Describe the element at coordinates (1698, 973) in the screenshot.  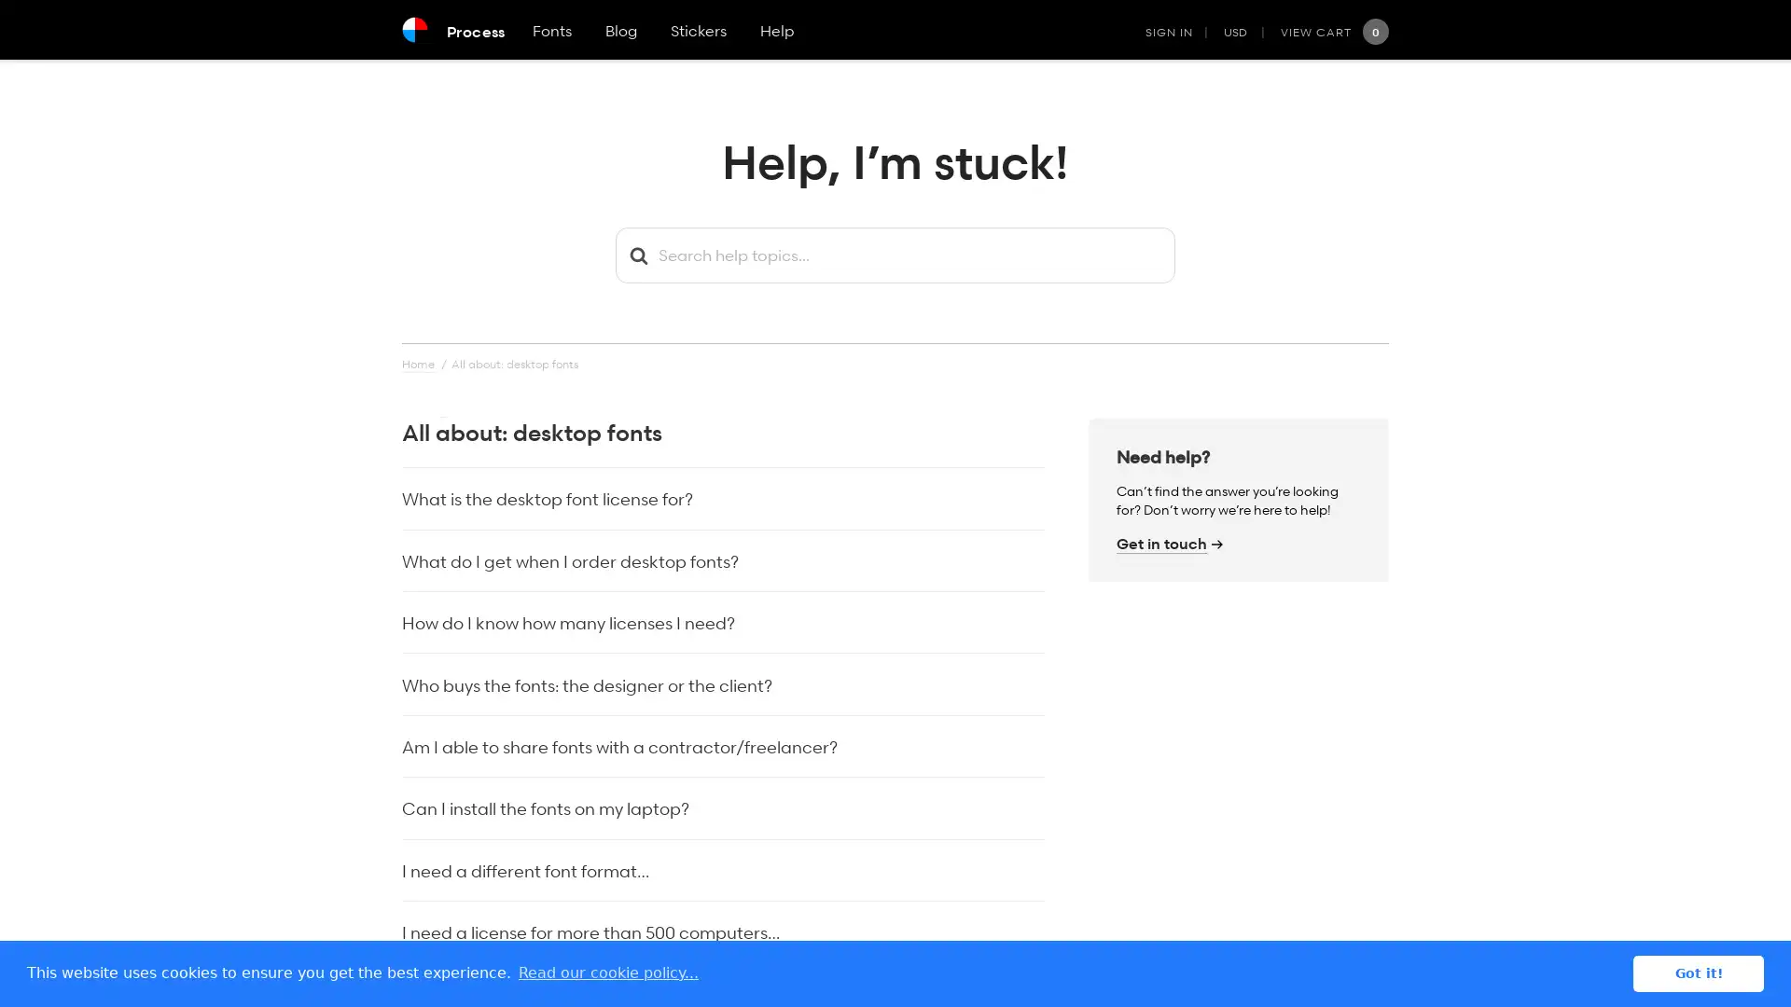
I see `dismiss cookie message` at that location.